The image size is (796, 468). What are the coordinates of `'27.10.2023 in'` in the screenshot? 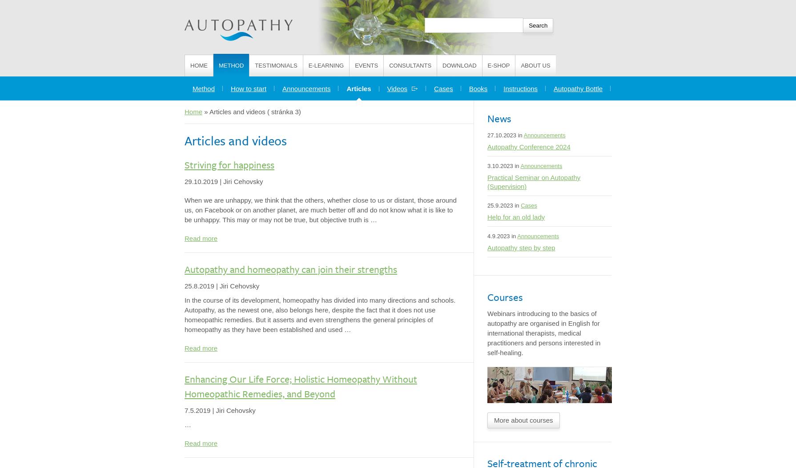 It's located at (505, 135).